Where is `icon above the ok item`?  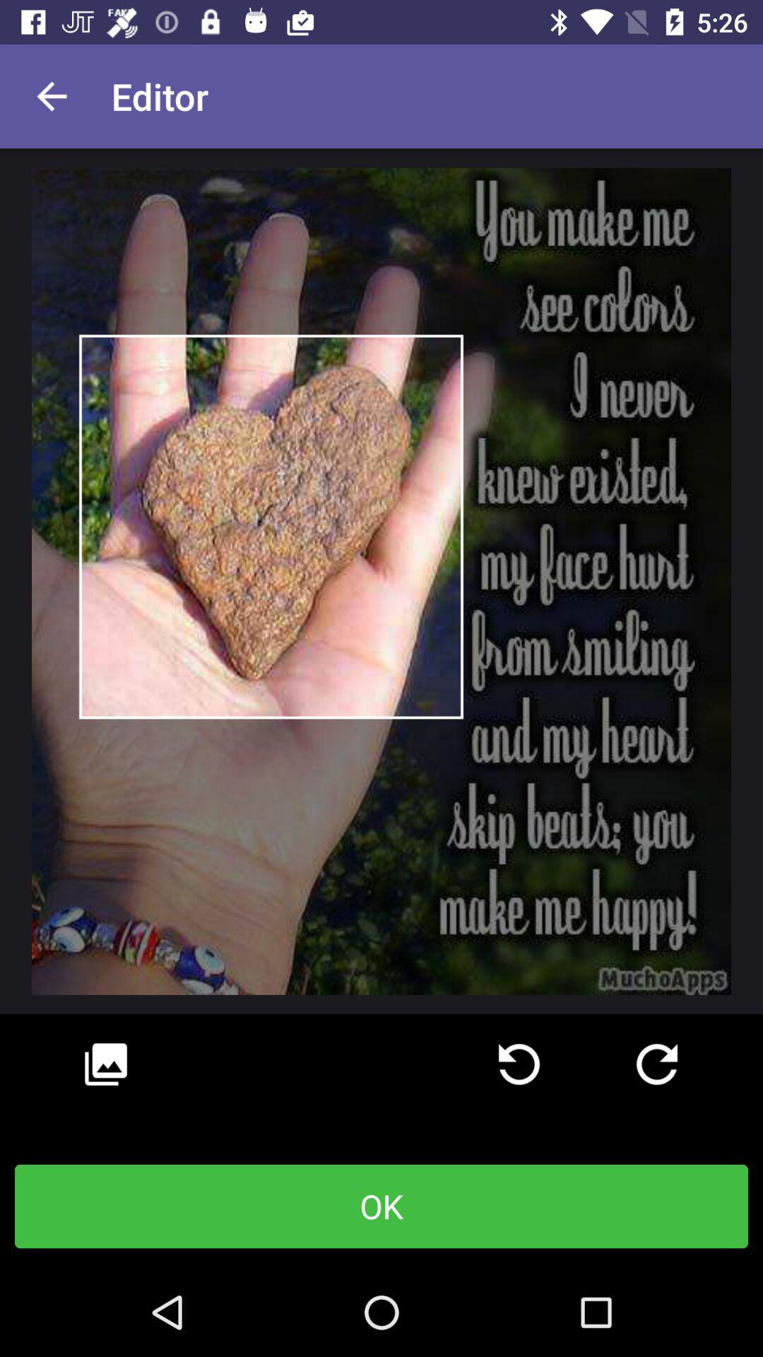
icon above the ok item is located at coordinates (656, 1064).